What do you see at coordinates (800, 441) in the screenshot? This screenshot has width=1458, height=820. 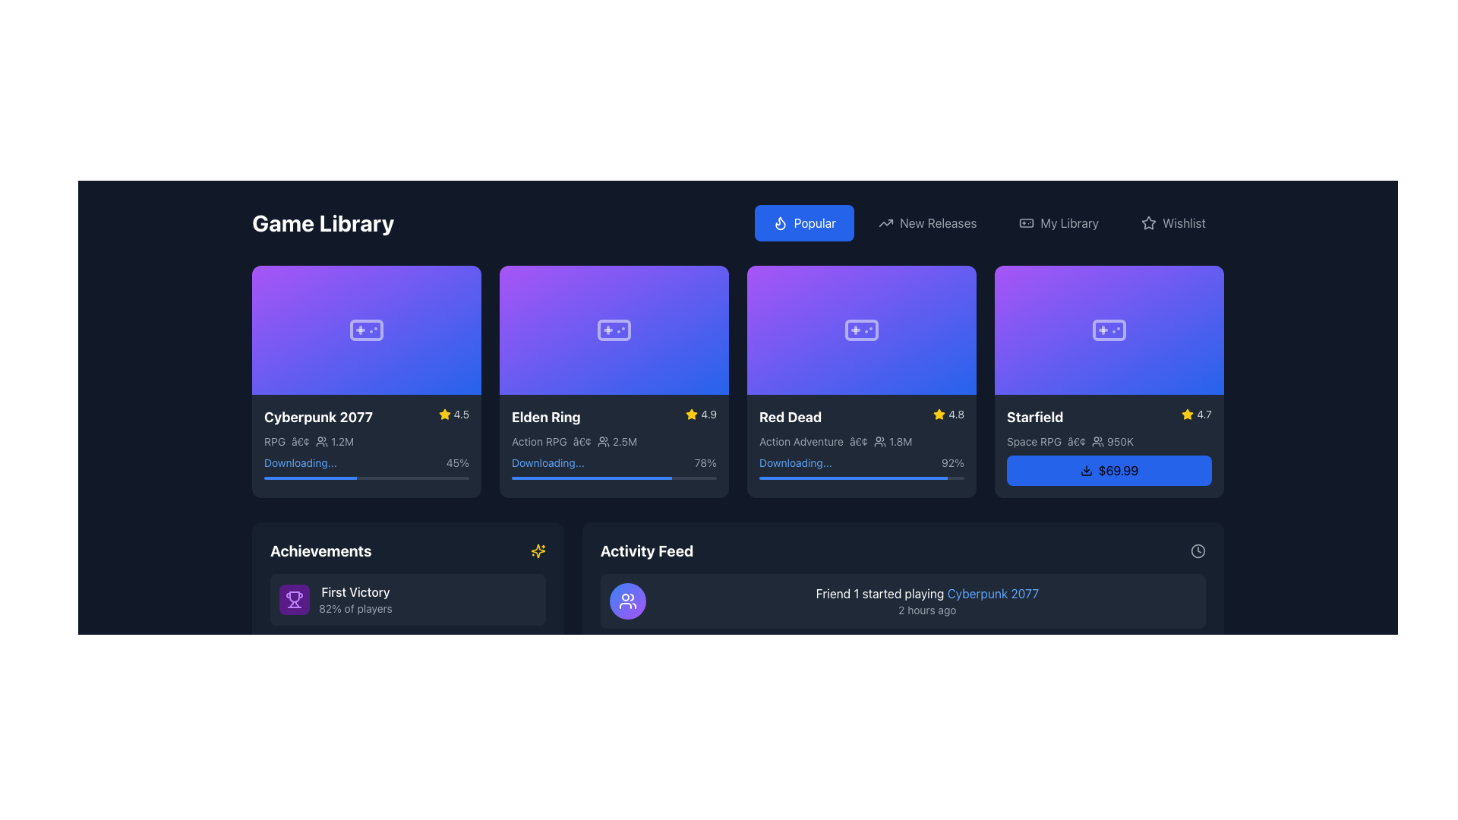 I see `the text label indicating the genre 'Red Dead', located in the lower part of the card, just above the popularity and progress indicators` at bounding box center [800, 441].